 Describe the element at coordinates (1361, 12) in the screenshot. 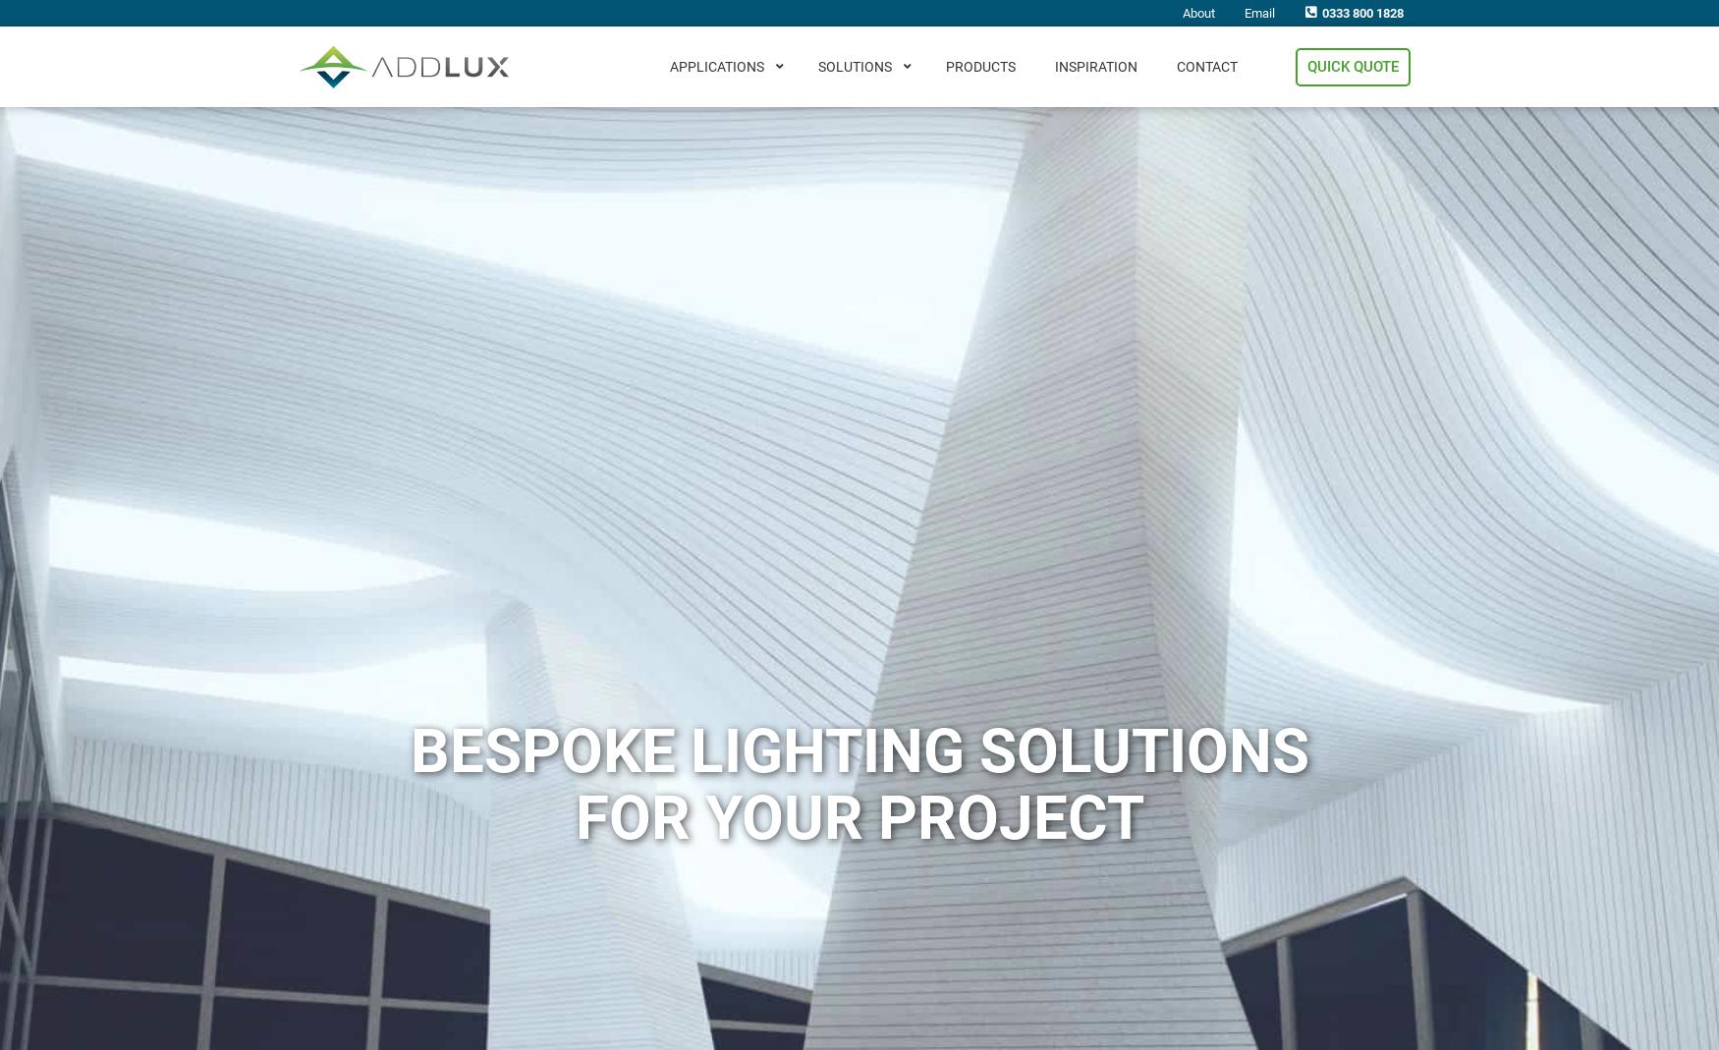

I see `'0333 800 1828'` at that location.